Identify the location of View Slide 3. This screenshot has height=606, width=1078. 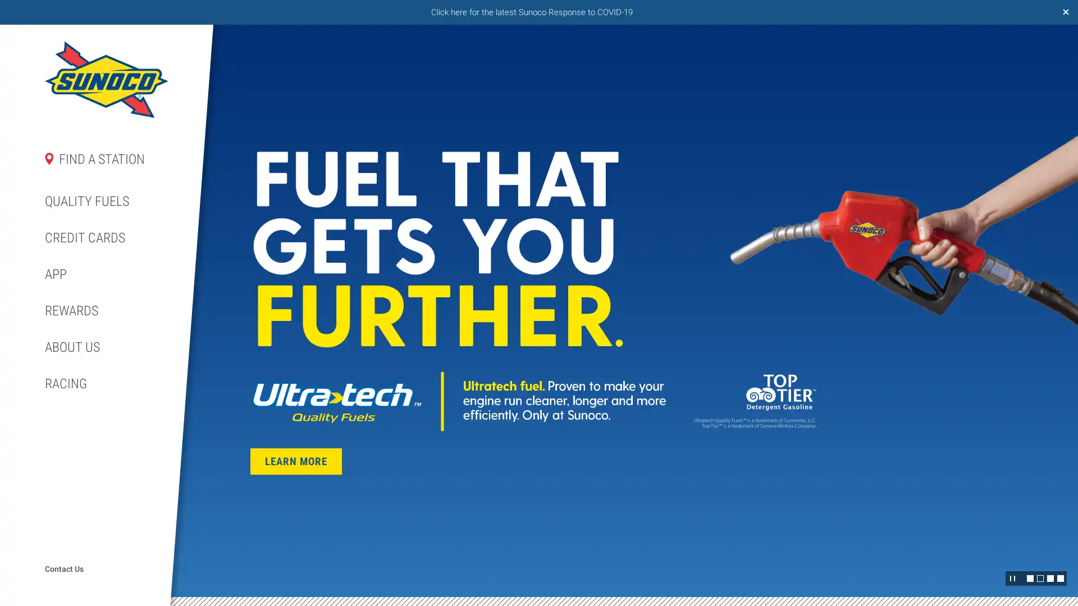
(1050, 578).